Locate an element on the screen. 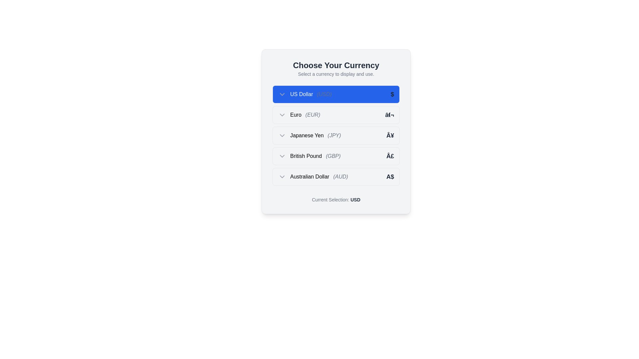  the fourth option in the dropdown menu representing the British Pound currency is located at coordinates (336, 156).